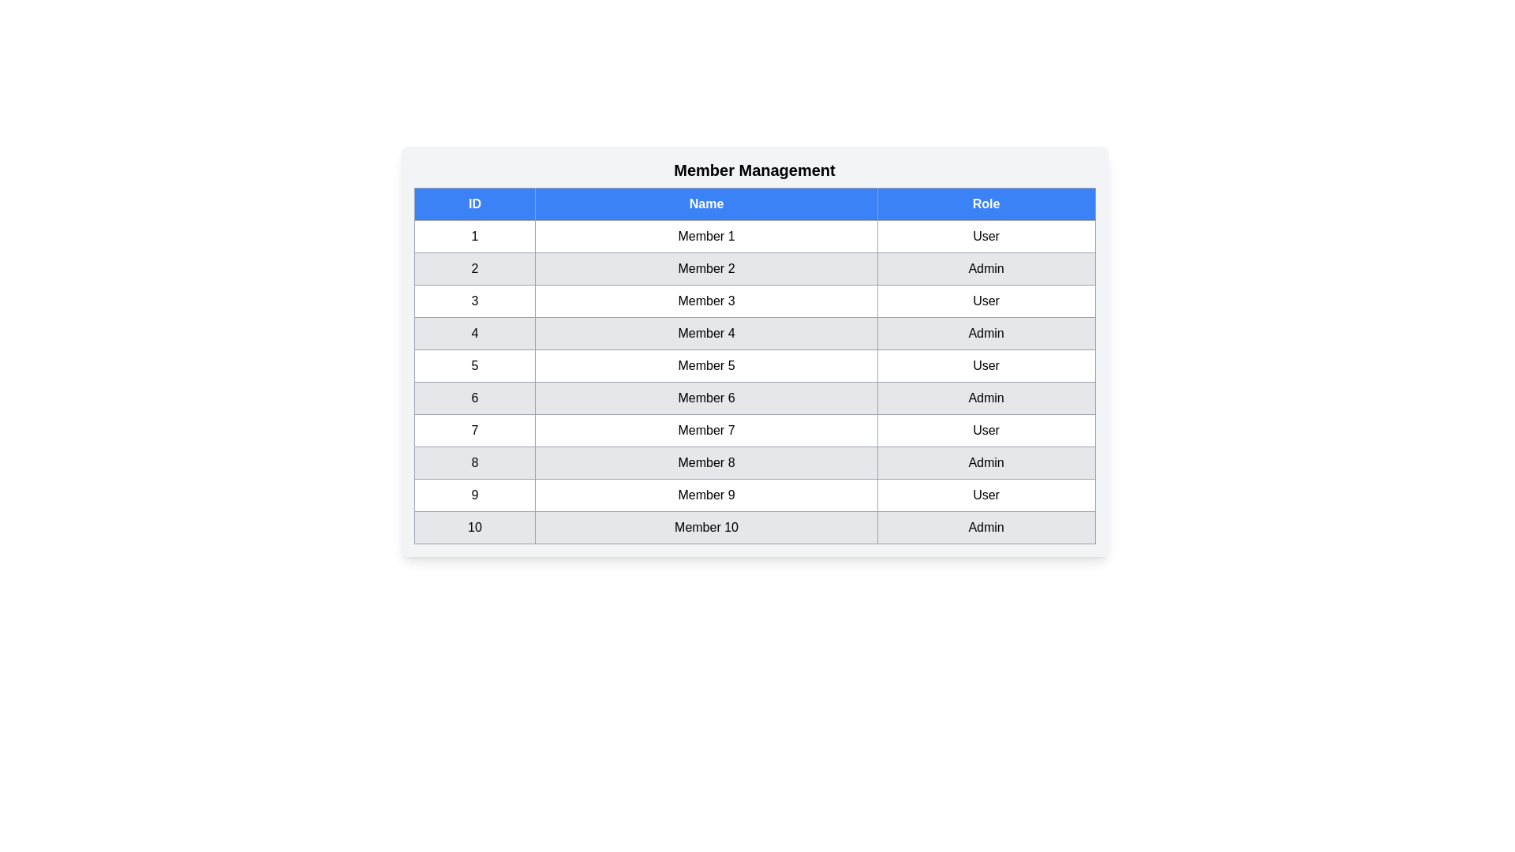 This screenshot has width=1515, height=852. Describe the element at coordinates (986, 203) in the screenshot. I see `the Role column header to sort the table by that column` at that location.